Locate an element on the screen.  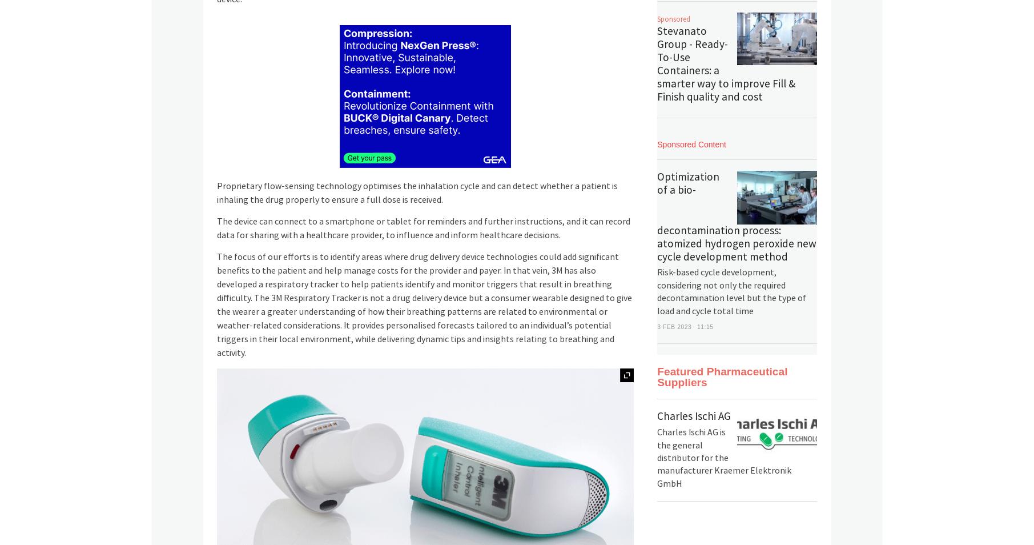
'The device can connect to a smartphone or tablet for reminders and further instructions, and it can record data for sharing with a healthcare provider, to influence and inform healthcare decisions.' is located at coordinates (423, 227).